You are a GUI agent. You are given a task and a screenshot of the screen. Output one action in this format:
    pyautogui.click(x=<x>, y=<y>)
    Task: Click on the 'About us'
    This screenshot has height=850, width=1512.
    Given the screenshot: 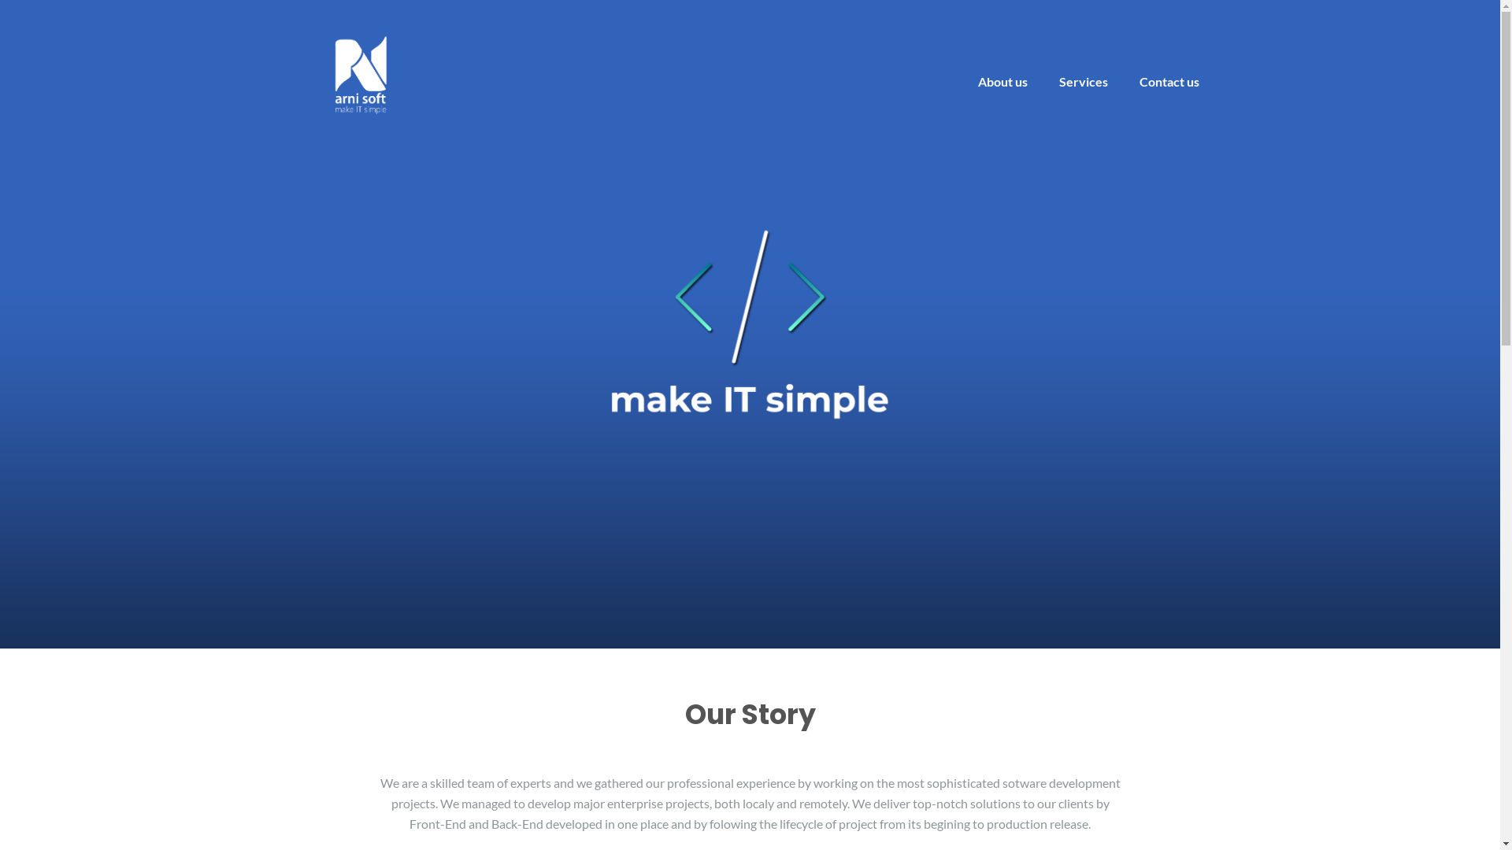 What is the action you would take?
    pyautogui.click(x=1002, y=81)
    